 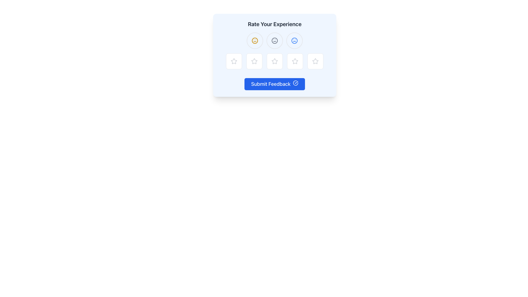 I want to click on the second star icon in the rating system to rate something with two stars, so click(x=254, y=61).